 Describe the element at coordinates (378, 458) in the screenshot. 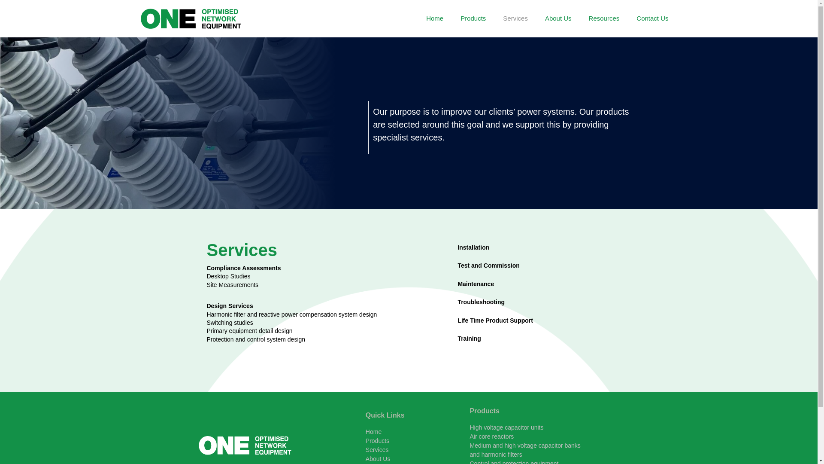

I see `'About Us'` at that location.